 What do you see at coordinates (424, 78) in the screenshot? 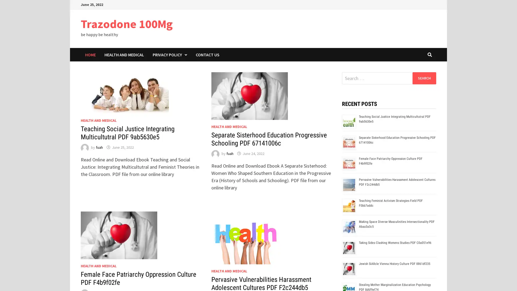
I see `Search` at bounding box center [424, 78].